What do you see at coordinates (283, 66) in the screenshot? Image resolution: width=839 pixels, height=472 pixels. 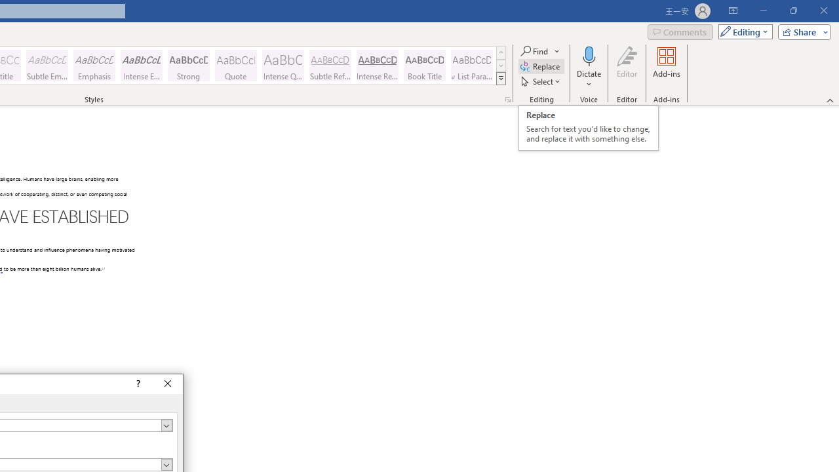 I see `'Intense Quote'` at bounding box center [283, 66].